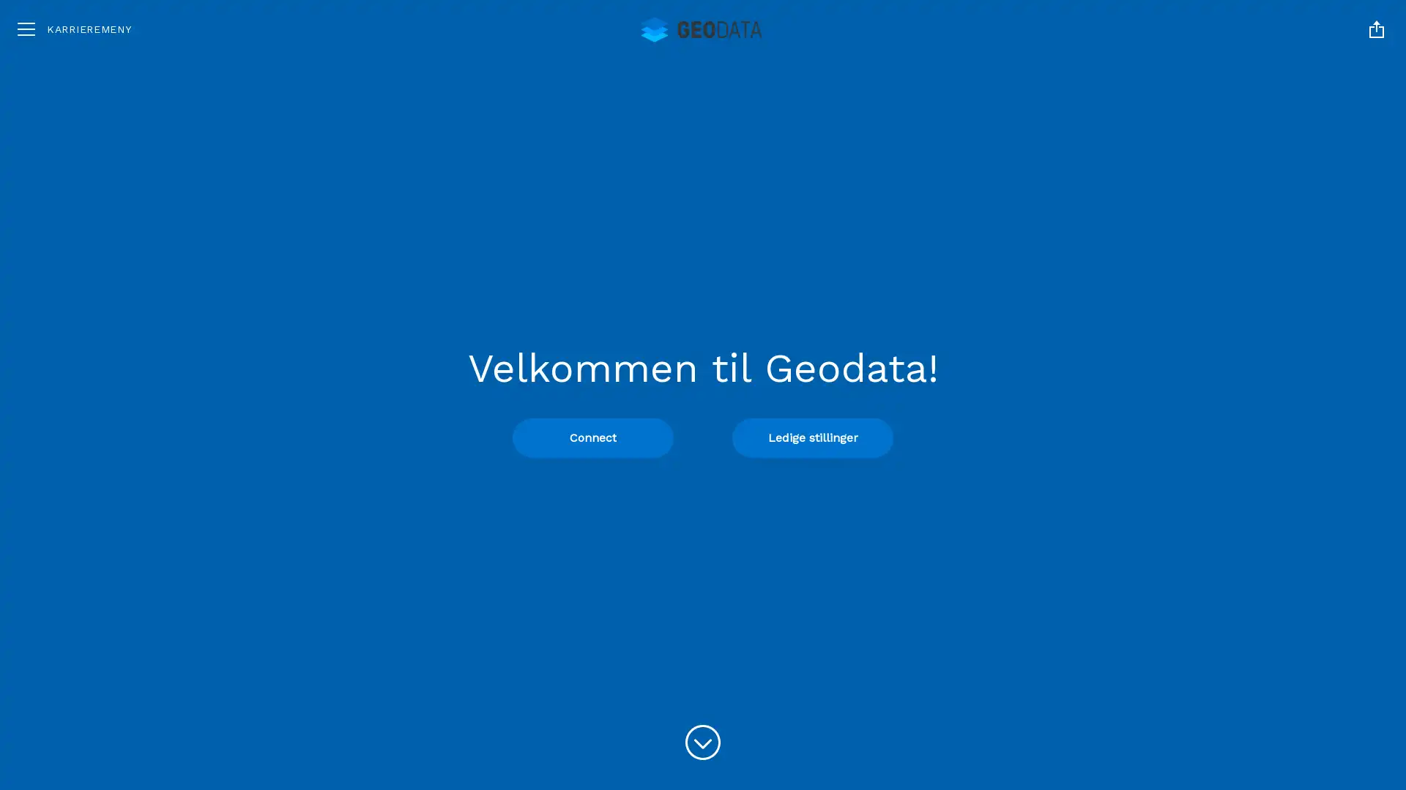 This screenshot has width=1406, height=790. Describe the element at coordinates (1238, 710) in the screenshot. I see `Preferanser for informasjonskapsler` at that location.